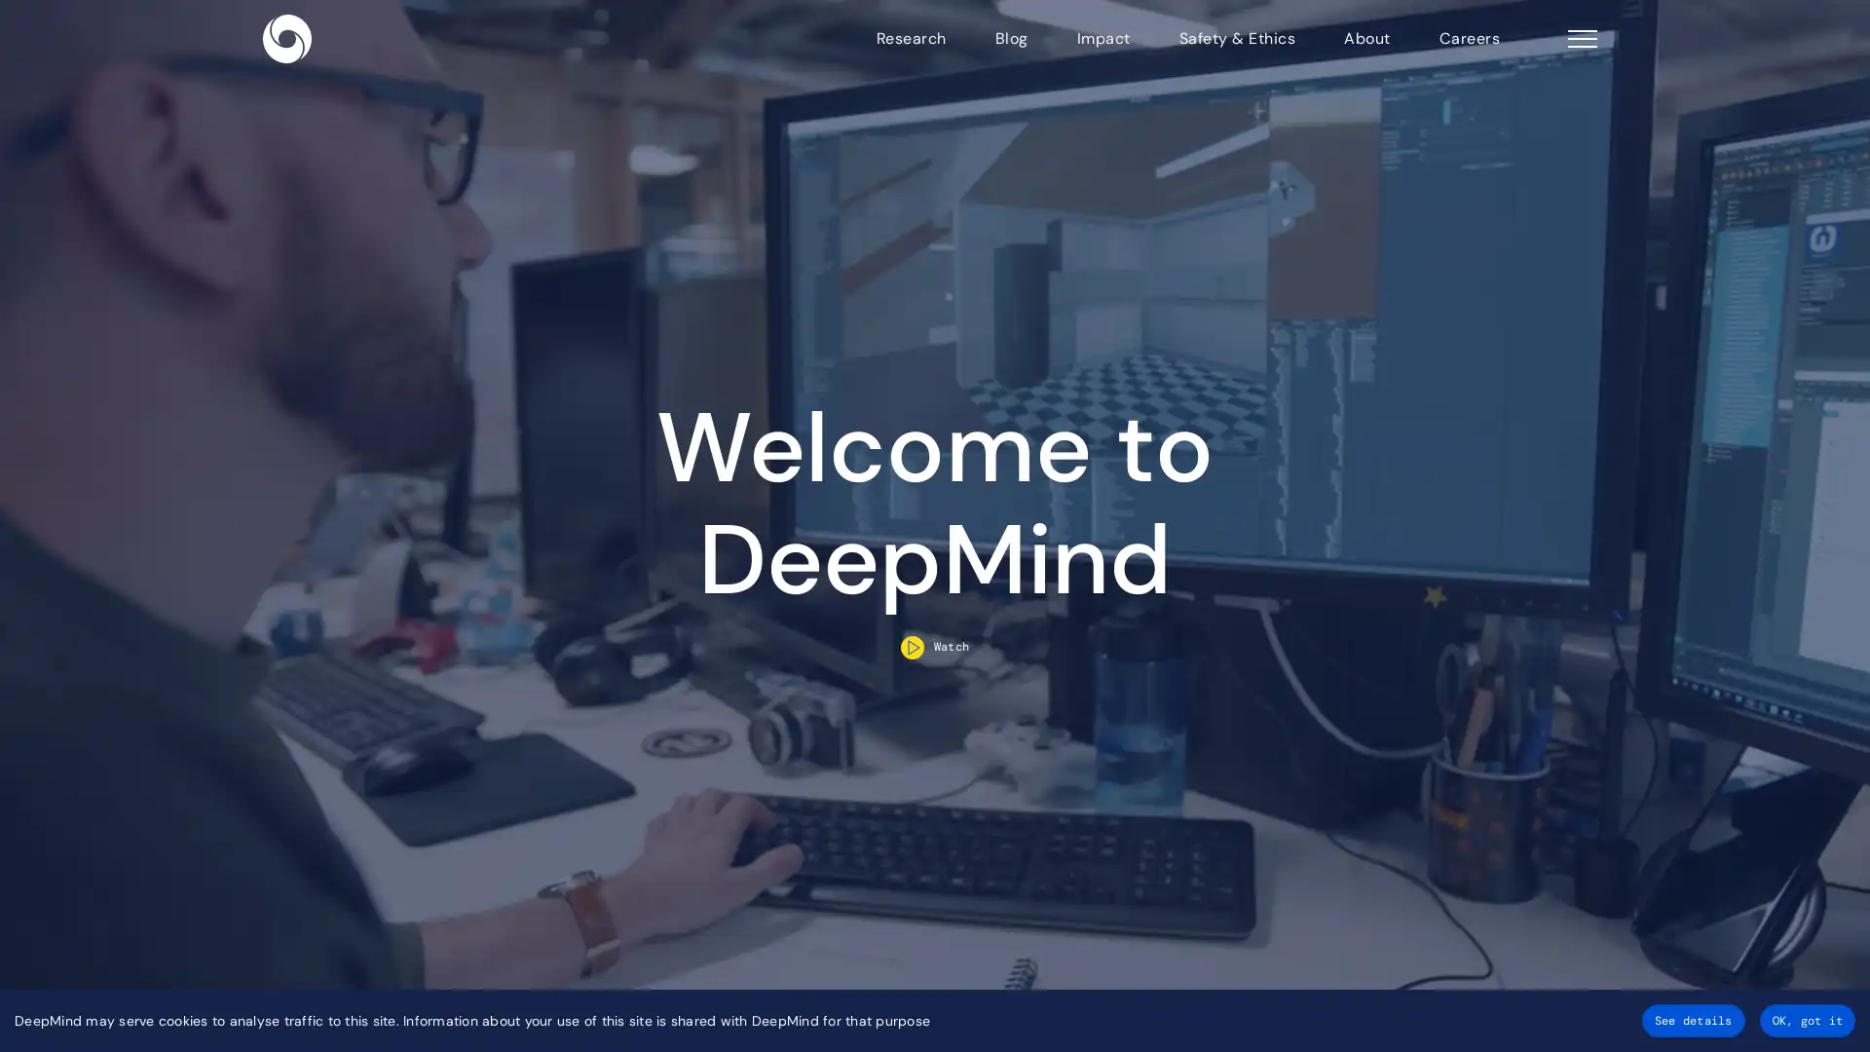  Describe the element at coordinates (1806, 1020) in the screenshot. I see `OK, got it` at that location.